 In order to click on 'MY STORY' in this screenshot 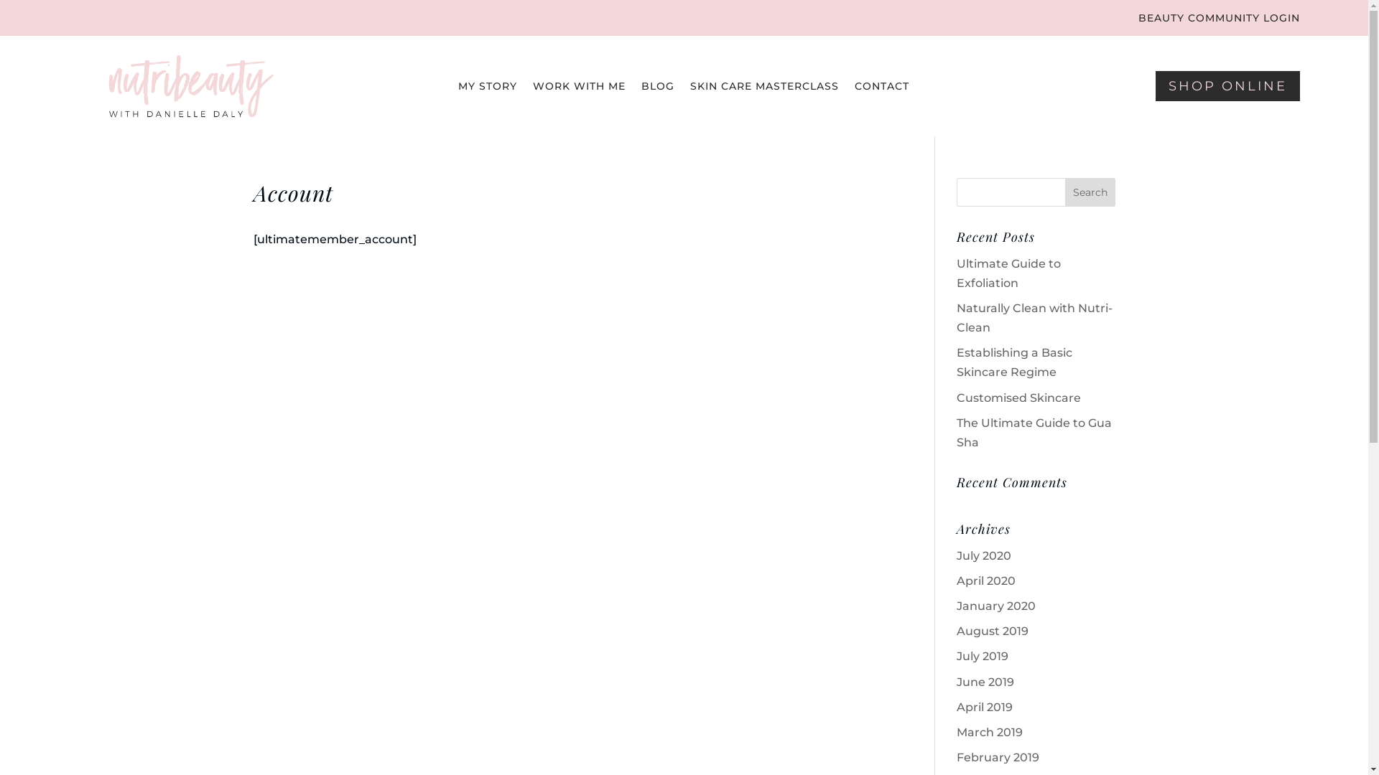, I will do `click(487, 88)`.